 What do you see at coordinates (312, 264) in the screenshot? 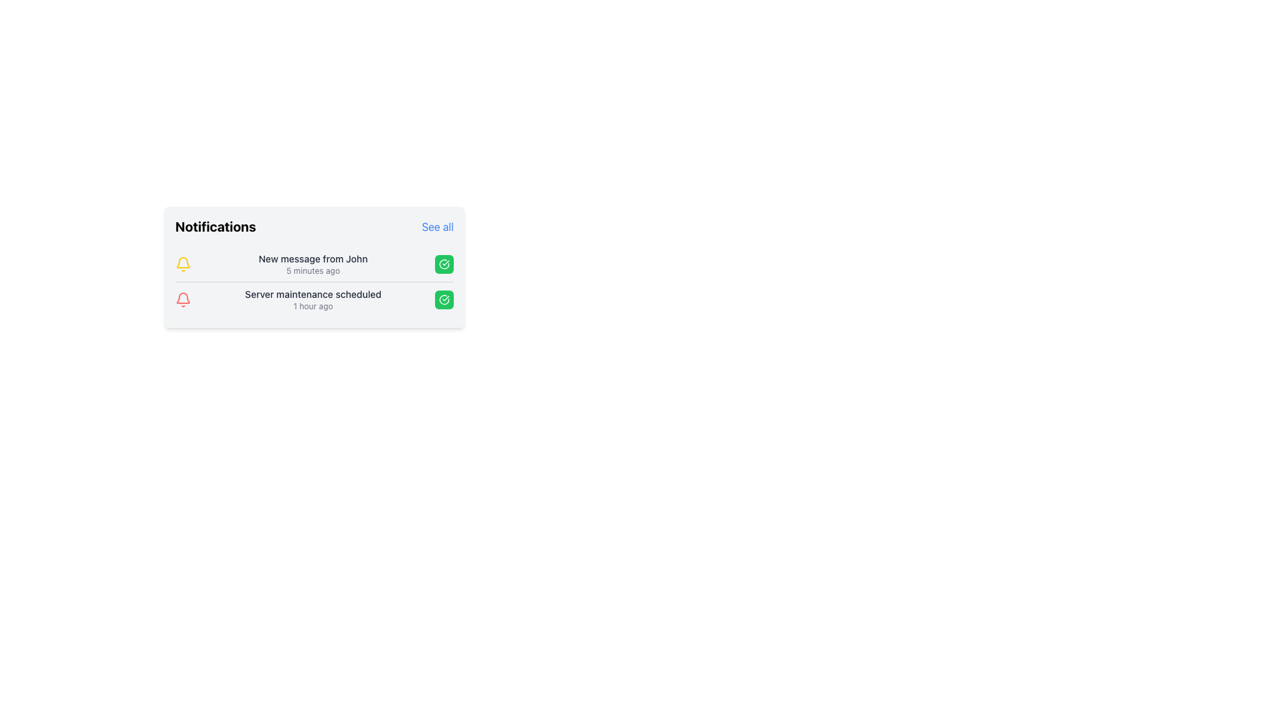
I see `the notification entry displaying 'New message from John' with the timestamp '5 minutes ago', which is the first notification in the vertical list` at bounding box center [312, 264].